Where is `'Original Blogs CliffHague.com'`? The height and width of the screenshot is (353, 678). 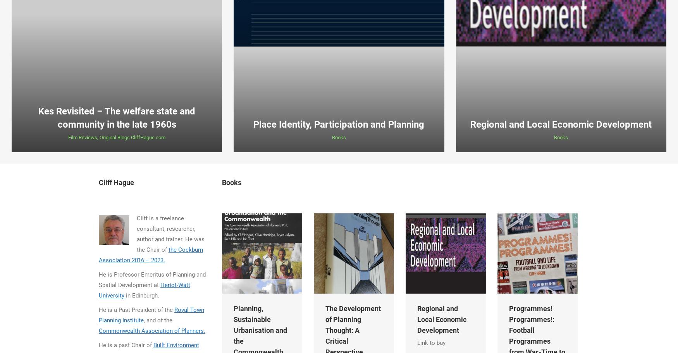
'Original Blogs CliffHague.com' is located at coordinates (132, 137).